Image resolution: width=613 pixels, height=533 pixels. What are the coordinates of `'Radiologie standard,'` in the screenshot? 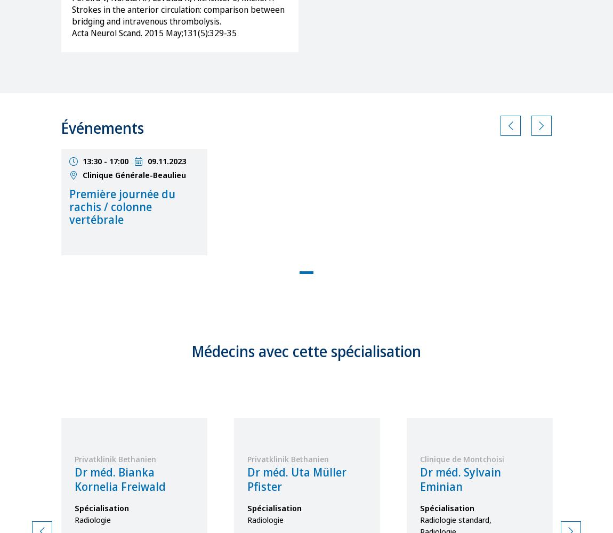 It's located at (419, 519).